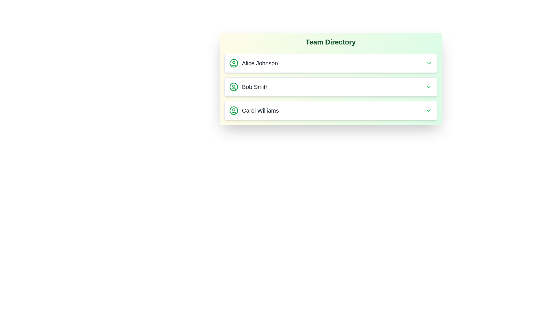  Describe the element at coordinates (330, 42) in the screenshot. I see `the 'Team Directory' header` at that location.